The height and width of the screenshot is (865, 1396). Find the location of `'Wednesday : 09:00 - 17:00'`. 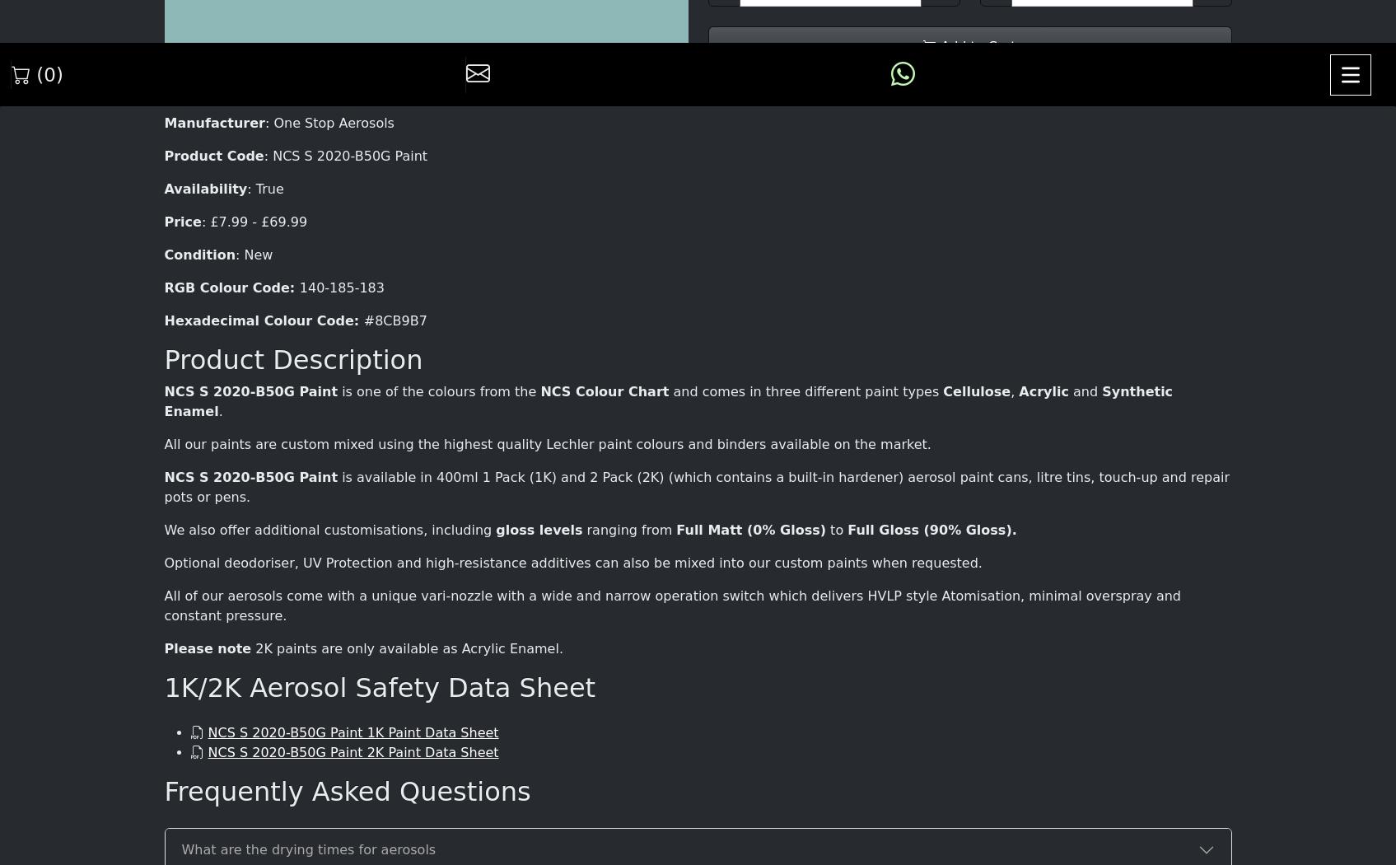

'Wednesday : 09:00 - 17:00' is located at coordinates (424, 577).